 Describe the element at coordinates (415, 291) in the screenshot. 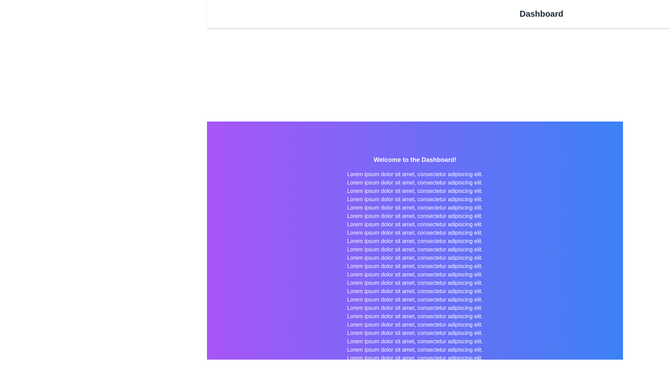

I see `the 16th text item in the vertically aligned list that displays static content, located below the title 'Welcome to the Dashboard!'` at that location.